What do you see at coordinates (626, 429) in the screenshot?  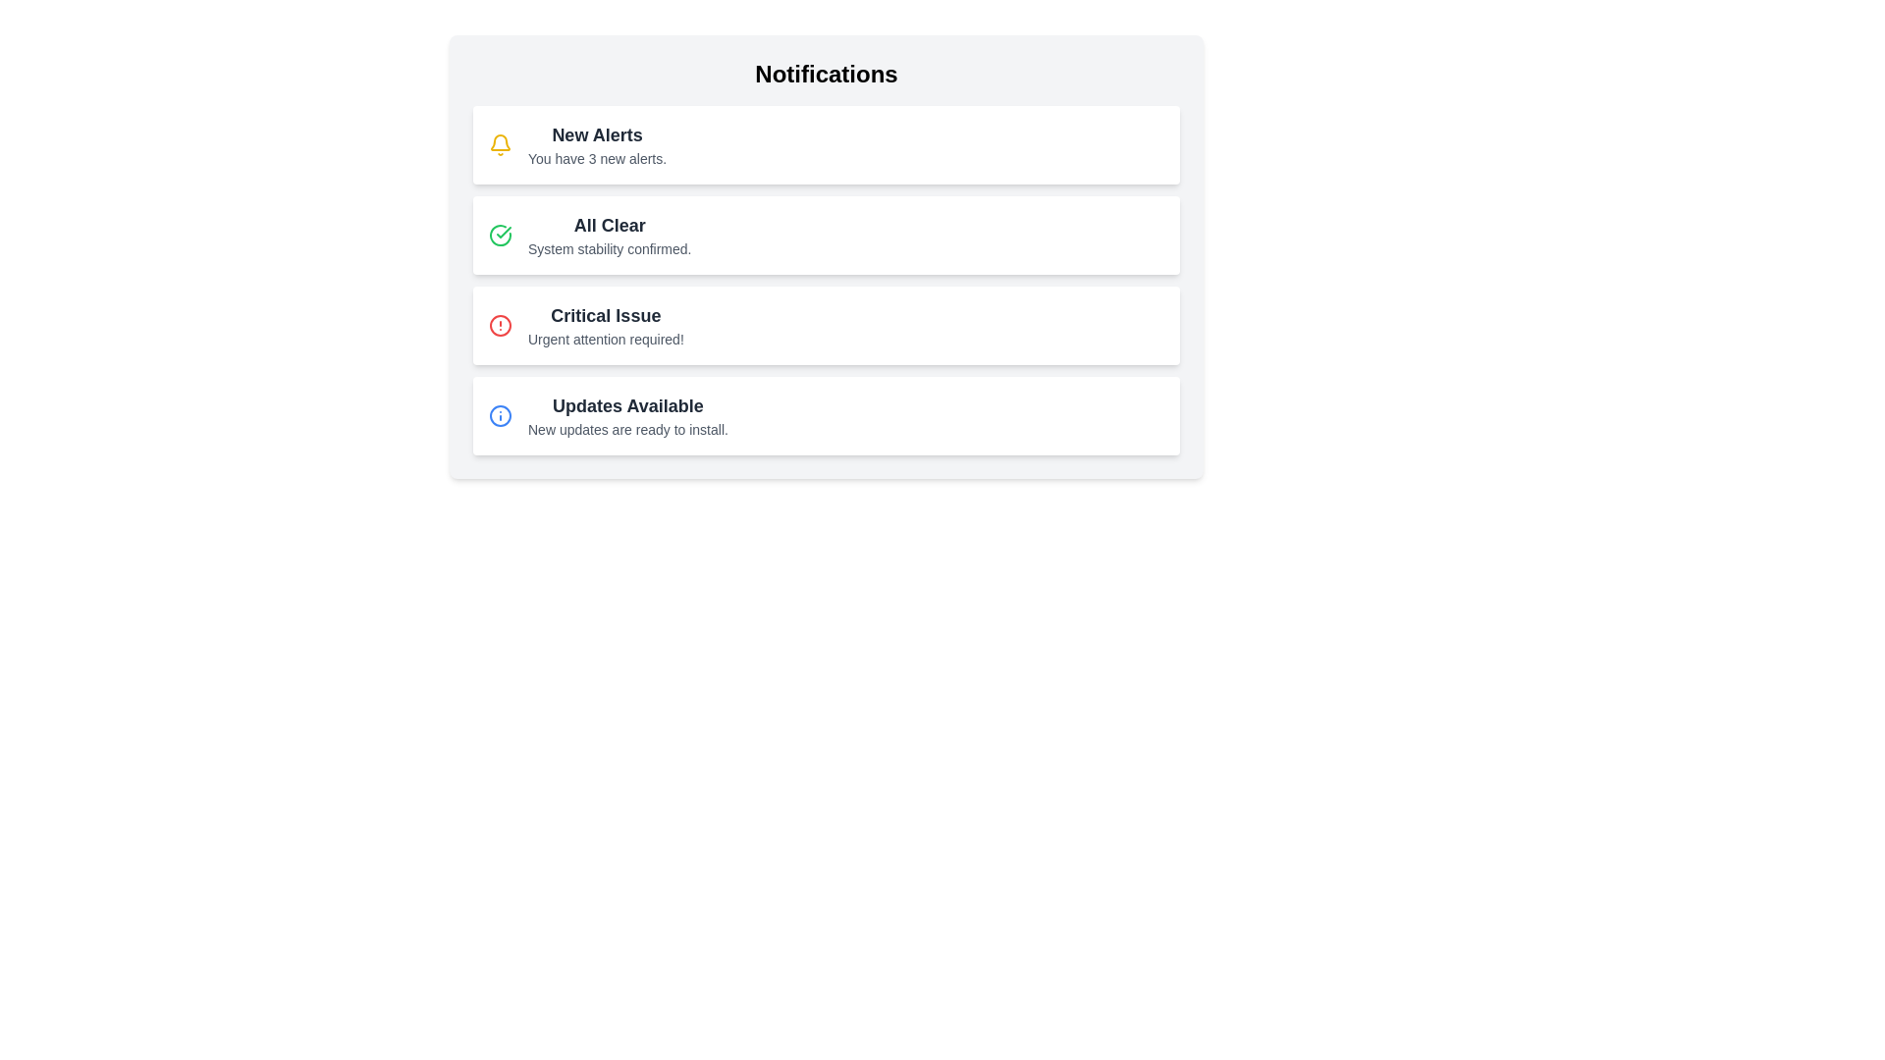 I see `text indicating that new updates are ready to install, located in the Notifications panel beneath the 'Updates Available' title` at bounding box center [626, 429].